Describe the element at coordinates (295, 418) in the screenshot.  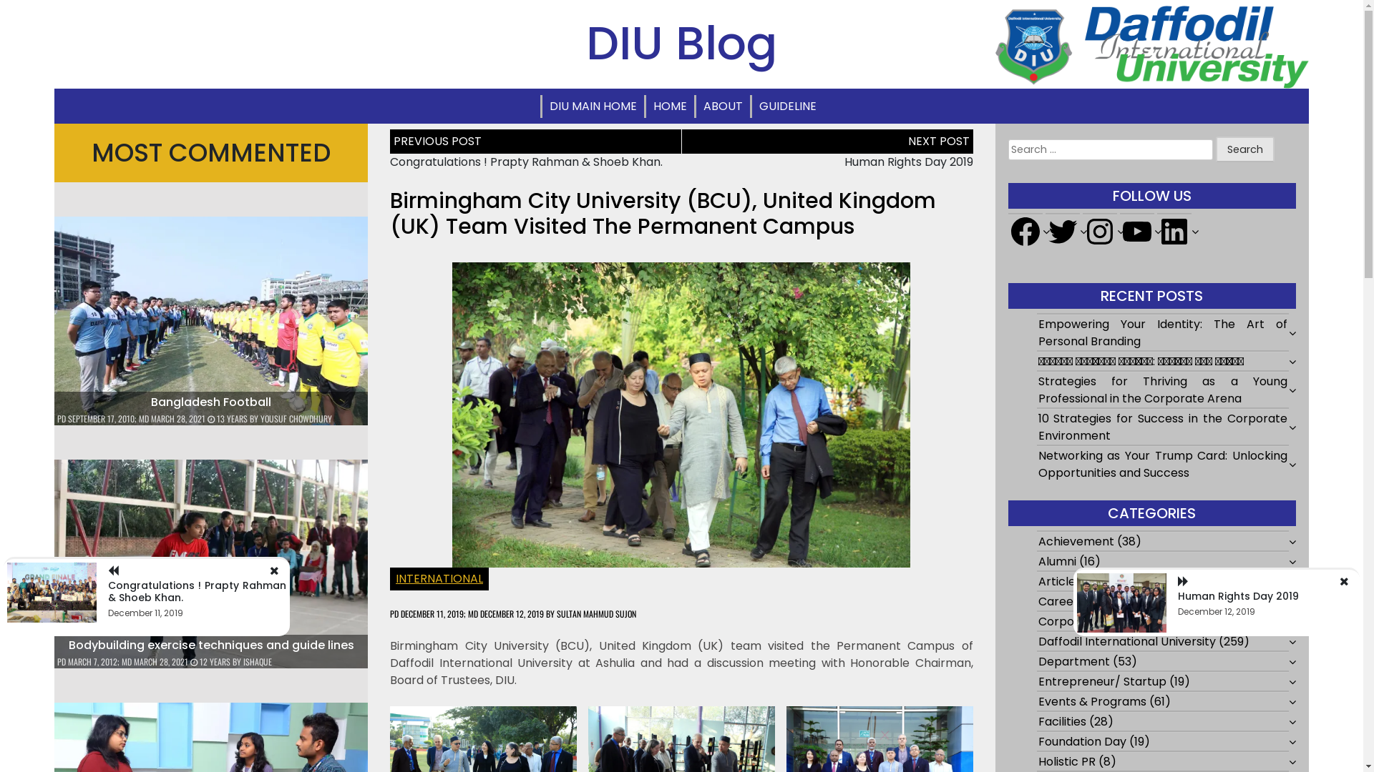
I see `'YOUSUF CHOWDHURY'` at that location.